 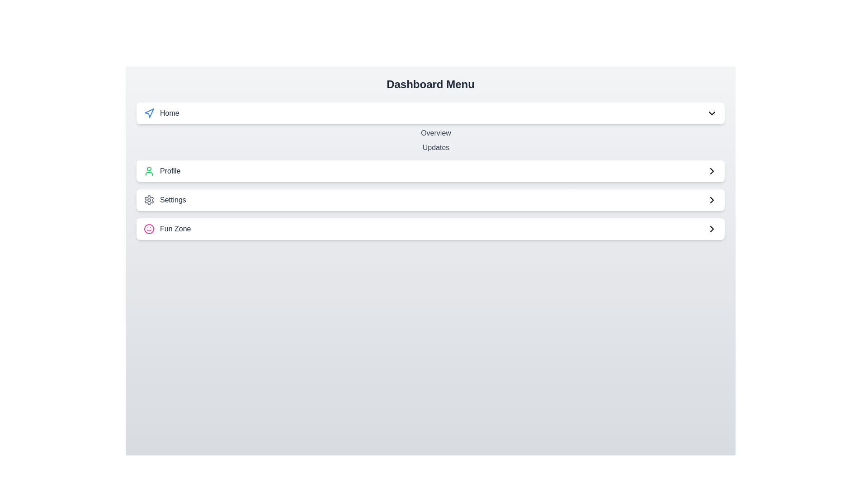 I want to click on the centrally aligned title Text Label at the top of the dashboard, which indicates the current context or section, so click(x=430, y=84).